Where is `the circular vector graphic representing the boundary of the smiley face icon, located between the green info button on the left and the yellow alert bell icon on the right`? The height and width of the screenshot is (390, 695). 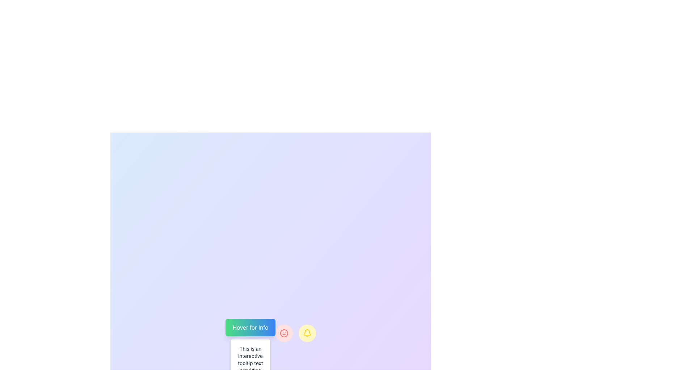 the circular vector graphic representing the boundary of the smiley face icon, located between the green info button on the left and the yellow alert bell icon on the right is located at coordinates (284, 333).